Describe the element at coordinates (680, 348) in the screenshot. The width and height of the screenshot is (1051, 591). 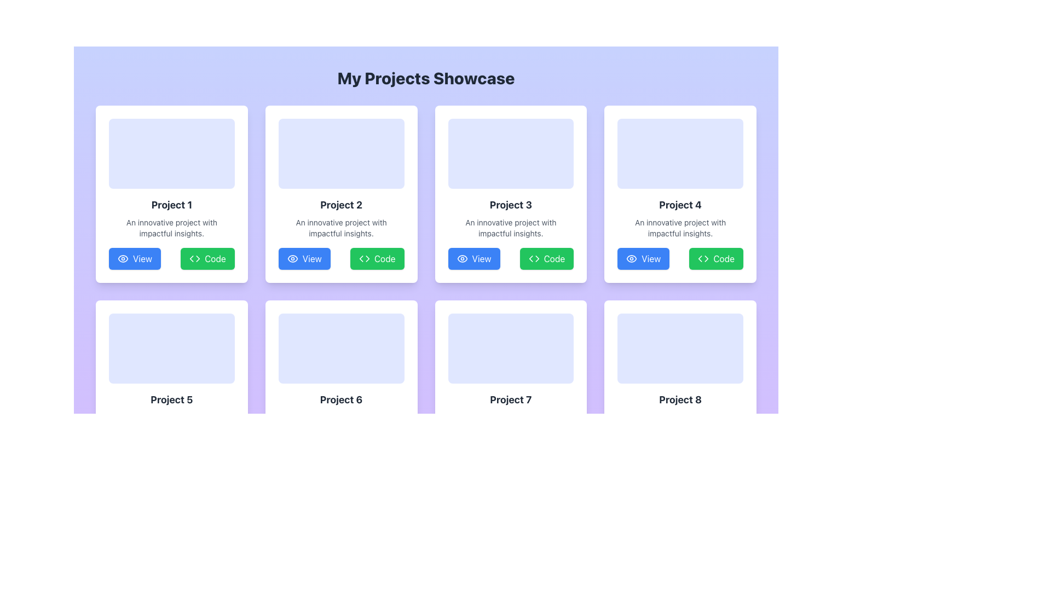
I see `the decorative placeholder located at the top of the 'Project 8' card, which serves as the visual centerpiece for the project` at that location.